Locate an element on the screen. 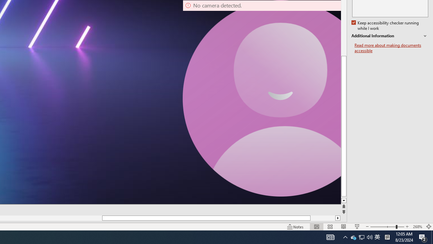  'Slide Show' is located at coordinates (357, 227).